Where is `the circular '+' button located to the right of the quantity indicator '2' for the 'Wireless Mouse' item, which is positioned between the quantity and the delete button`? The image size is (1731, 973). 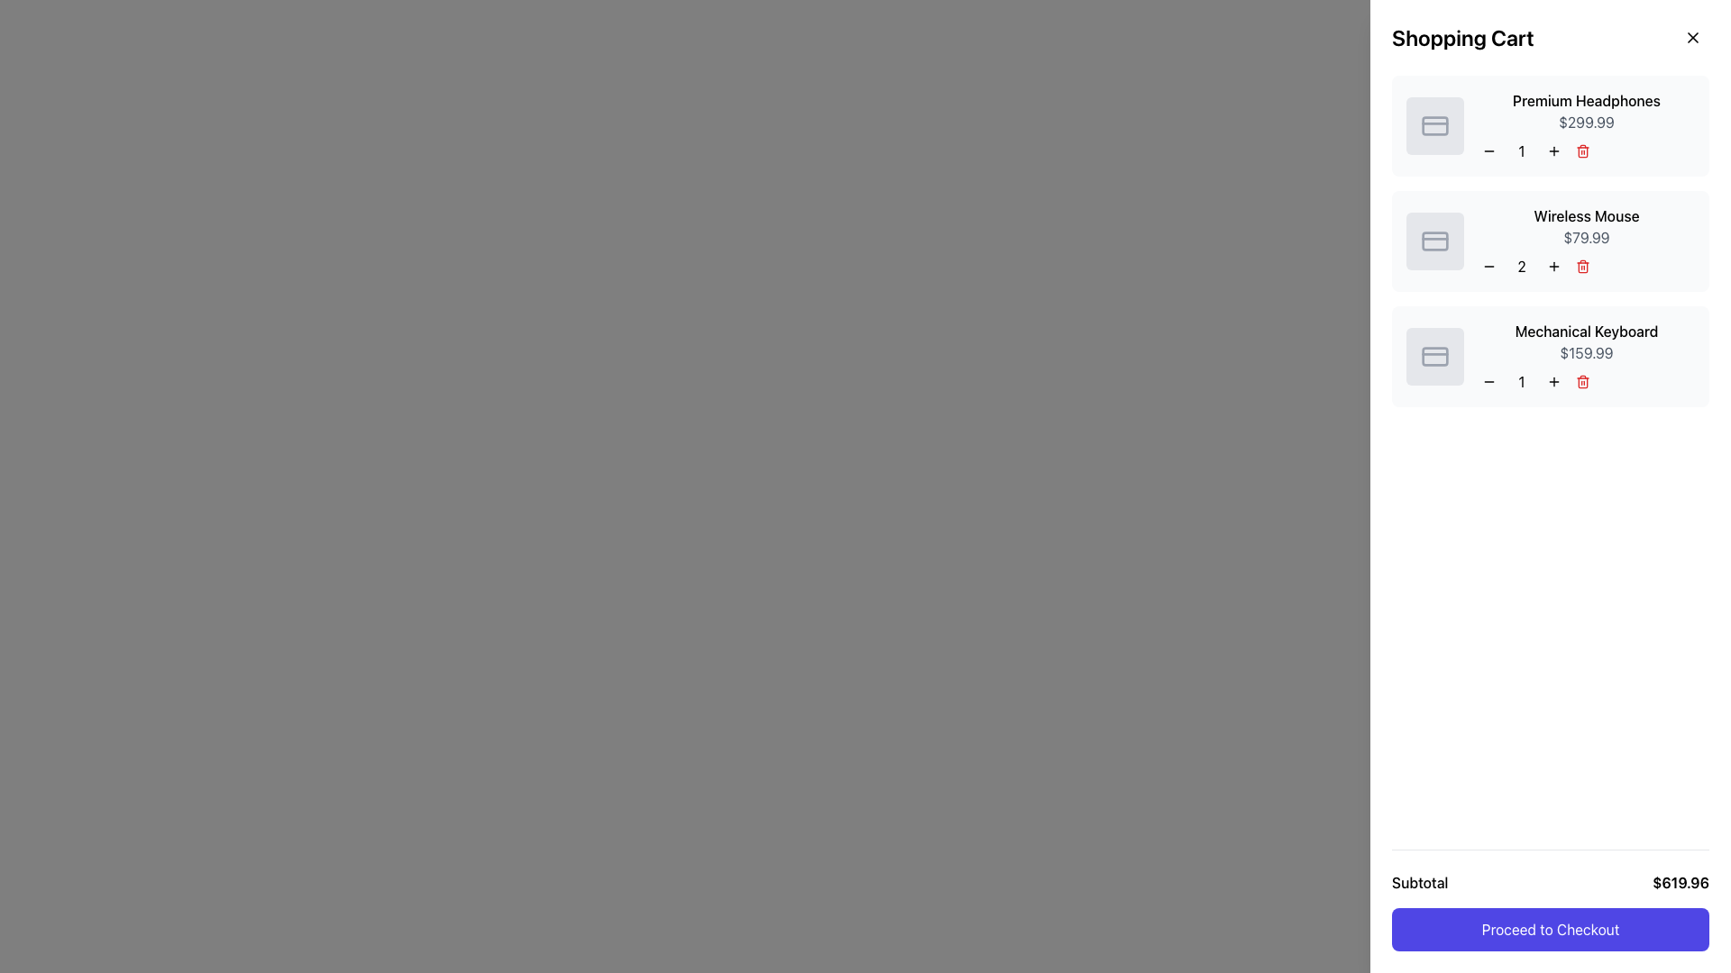 the circular '+' button located to the right of the quantity indicator '2' for the 'Wireless Mouse' item, which is positioned between the quantity and the delete button is located at coordinates (1552, 267).